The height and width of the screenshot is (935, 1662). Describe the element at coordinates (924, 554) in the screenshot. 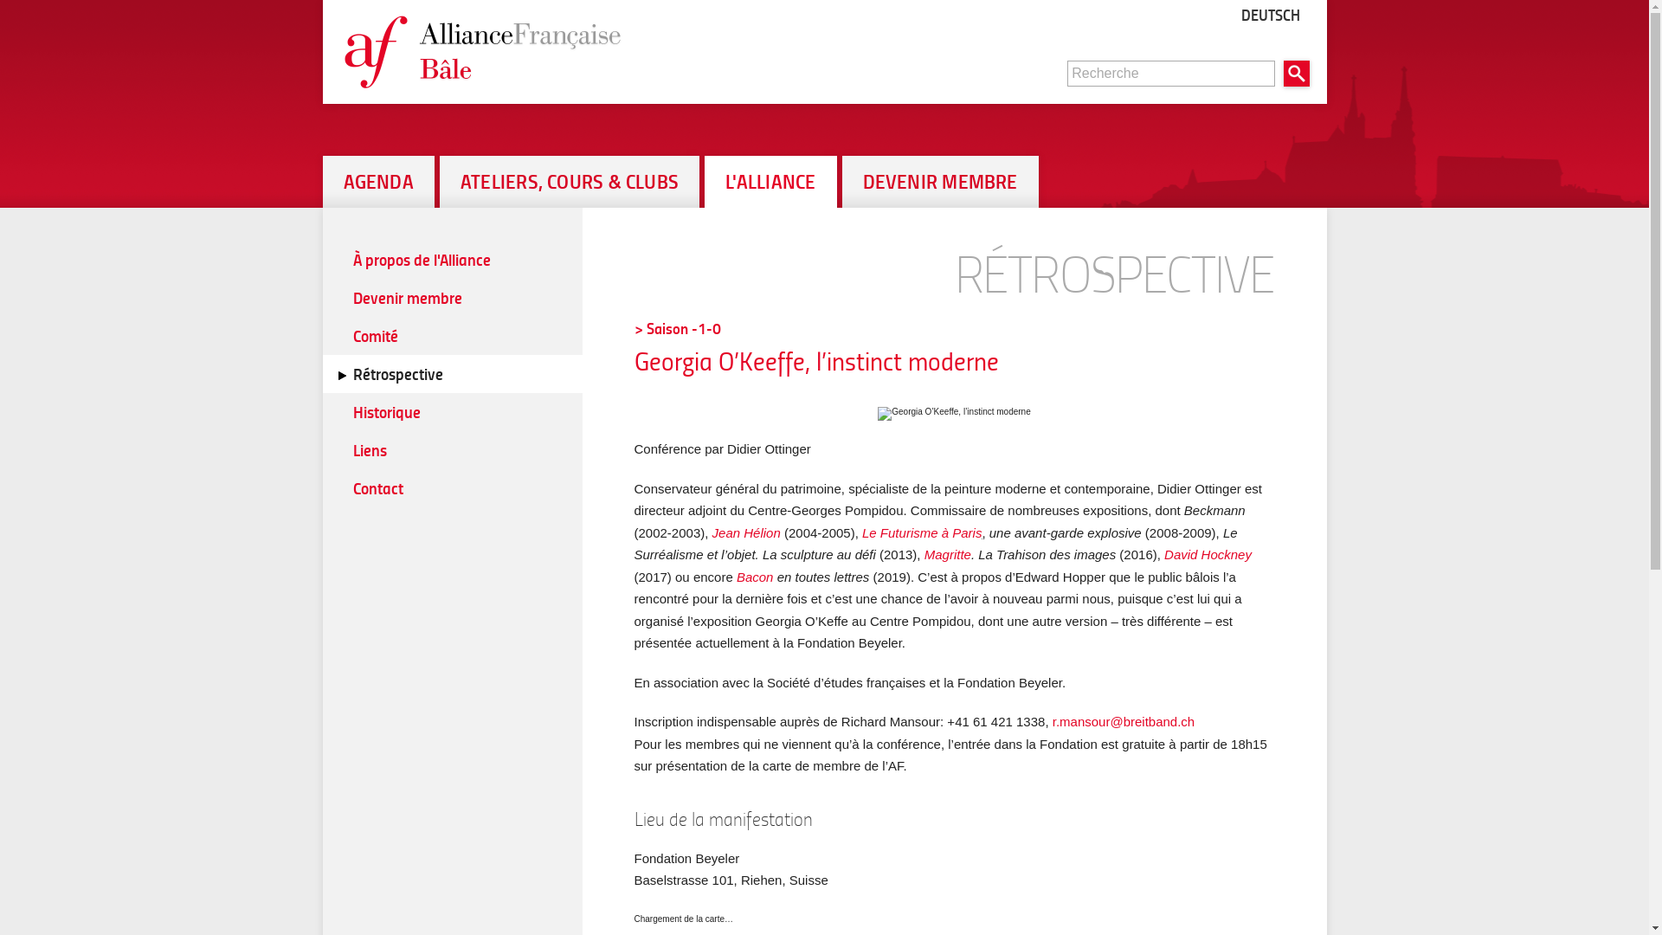

I see `'Magritte'` at that location.